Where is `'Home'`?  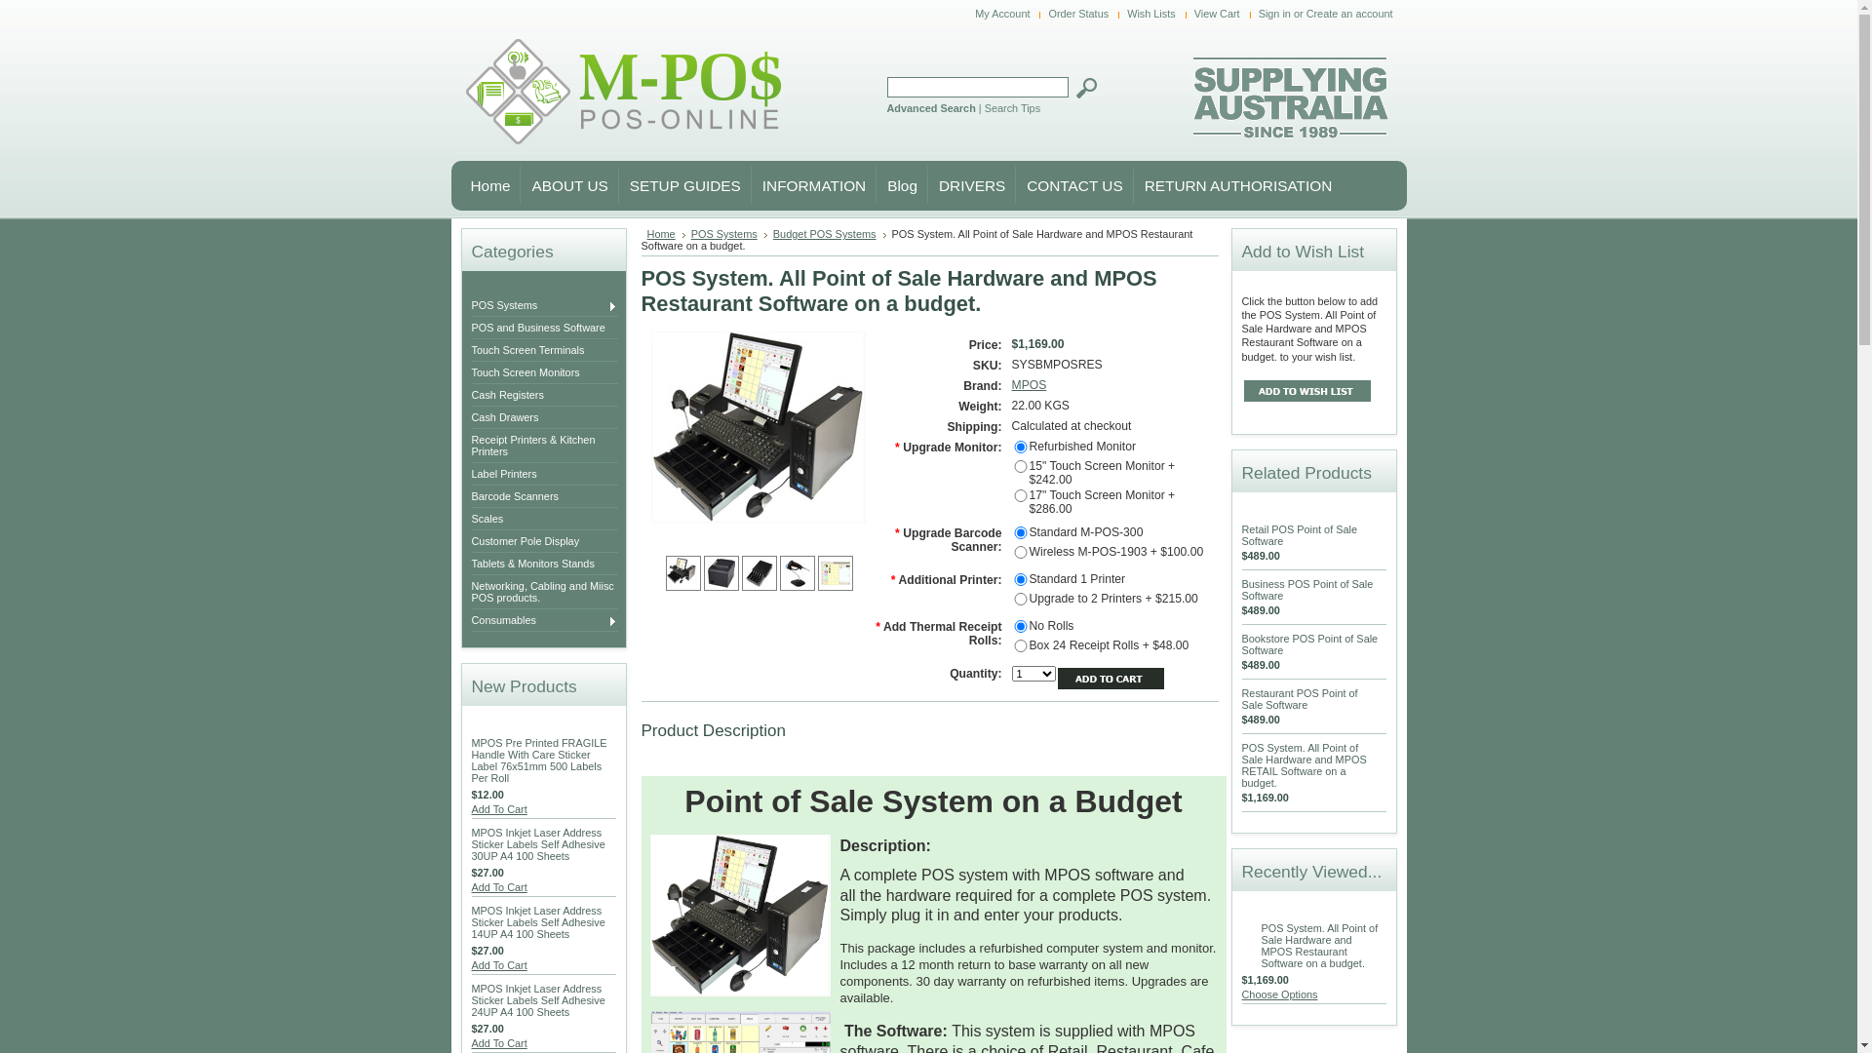
'Home' is located at coordinates (457, 184).